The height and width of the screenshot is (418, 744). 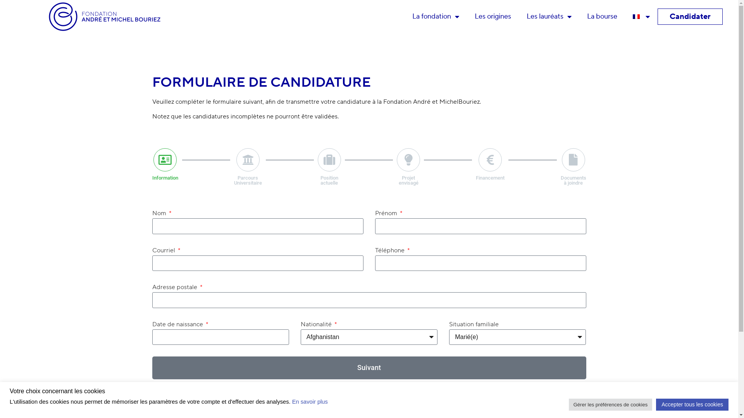 I want to click on 'La fondation', so click(x=404, y=16).